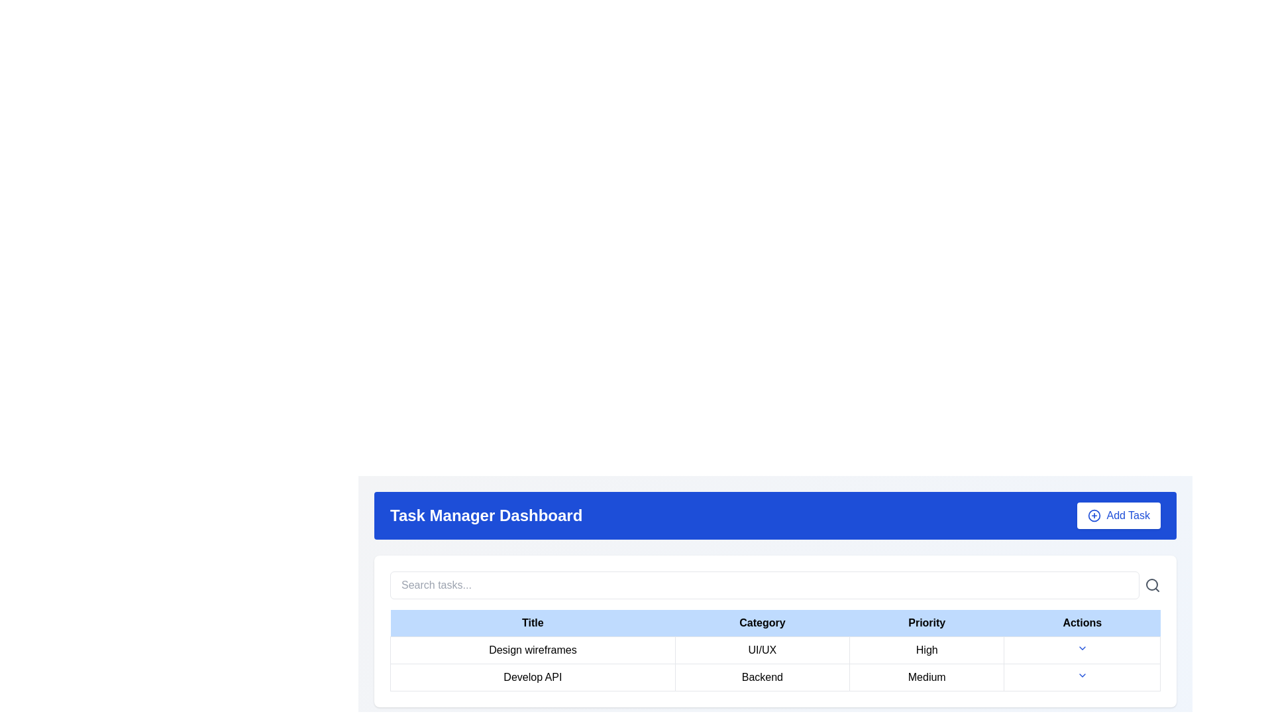  Describe the element at coordinates (1118, 515) in the screenshot. I see `the 'Add Task' button located on the right side of the blue header bar labeled 'Task Manager Dashboard' to initiate the process of adding a new task` at that location.